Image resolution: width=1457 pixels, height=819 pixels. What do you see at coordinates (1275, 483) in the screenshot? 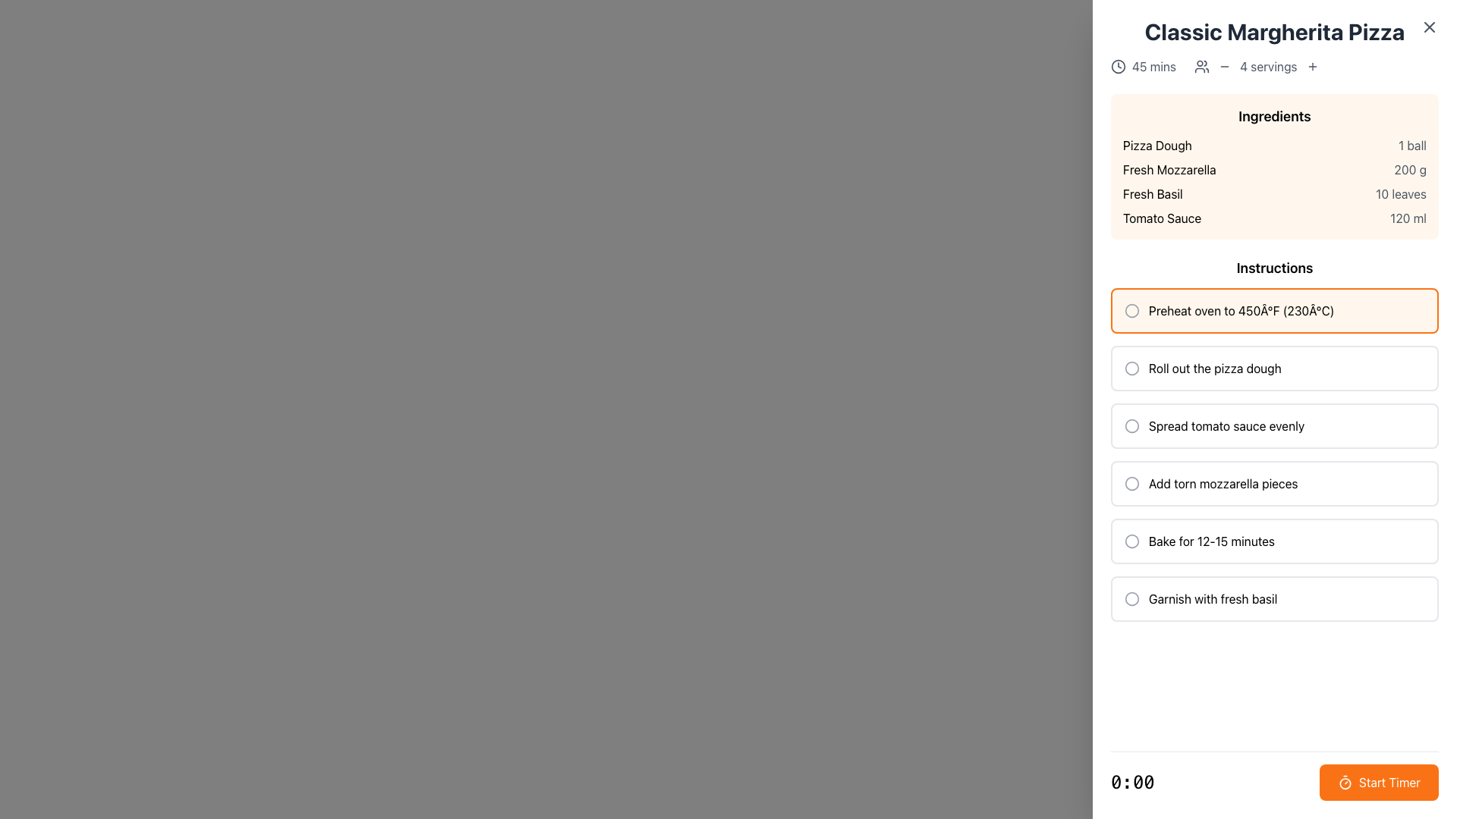
I see `the 'Add torn mozzarella pieces' instruction item in the list to mark it as completed` at bounding box center [1275, 483].